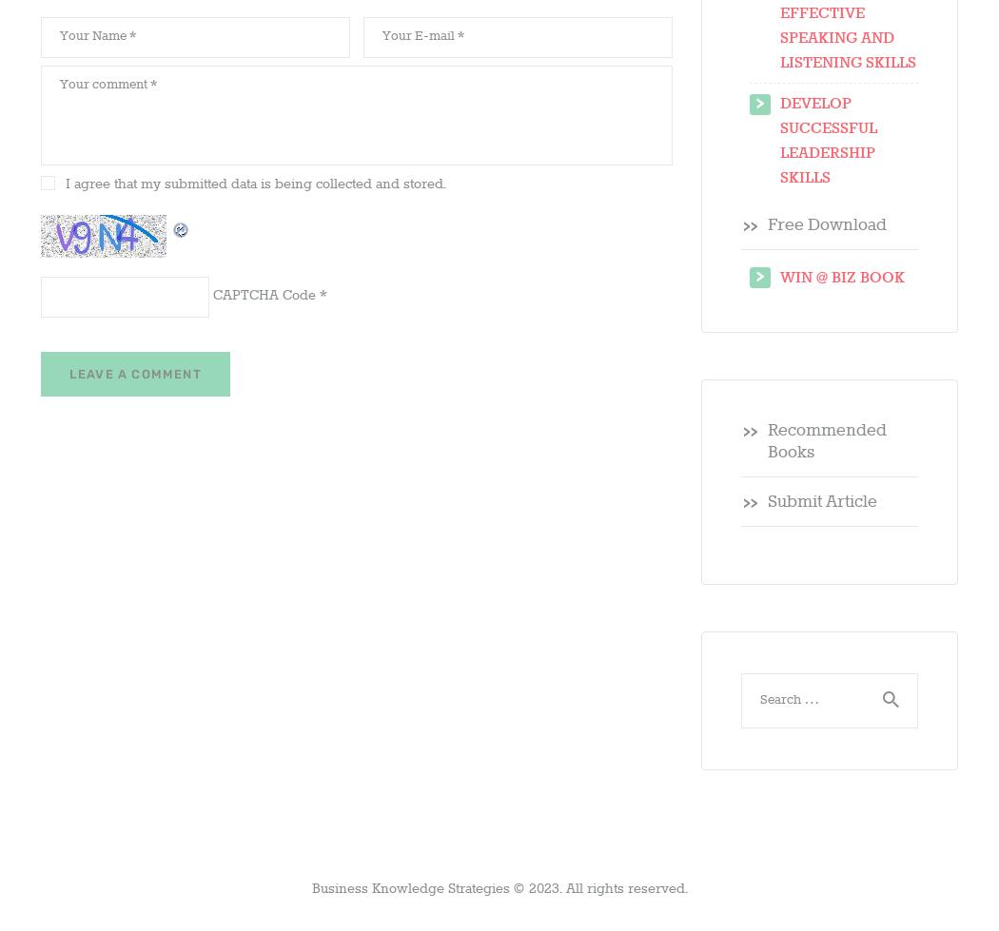 Image resolution: width=999 pixels, height=931 pixels. I want to click on 'Submit Article', so click(820, 501).